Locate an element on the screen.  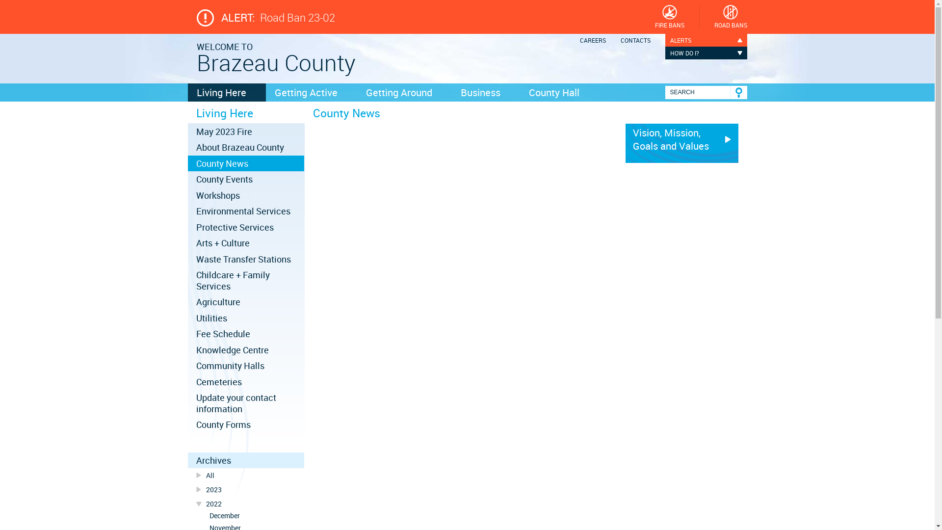
'Agriculture' is located at coordinates (187, 301).